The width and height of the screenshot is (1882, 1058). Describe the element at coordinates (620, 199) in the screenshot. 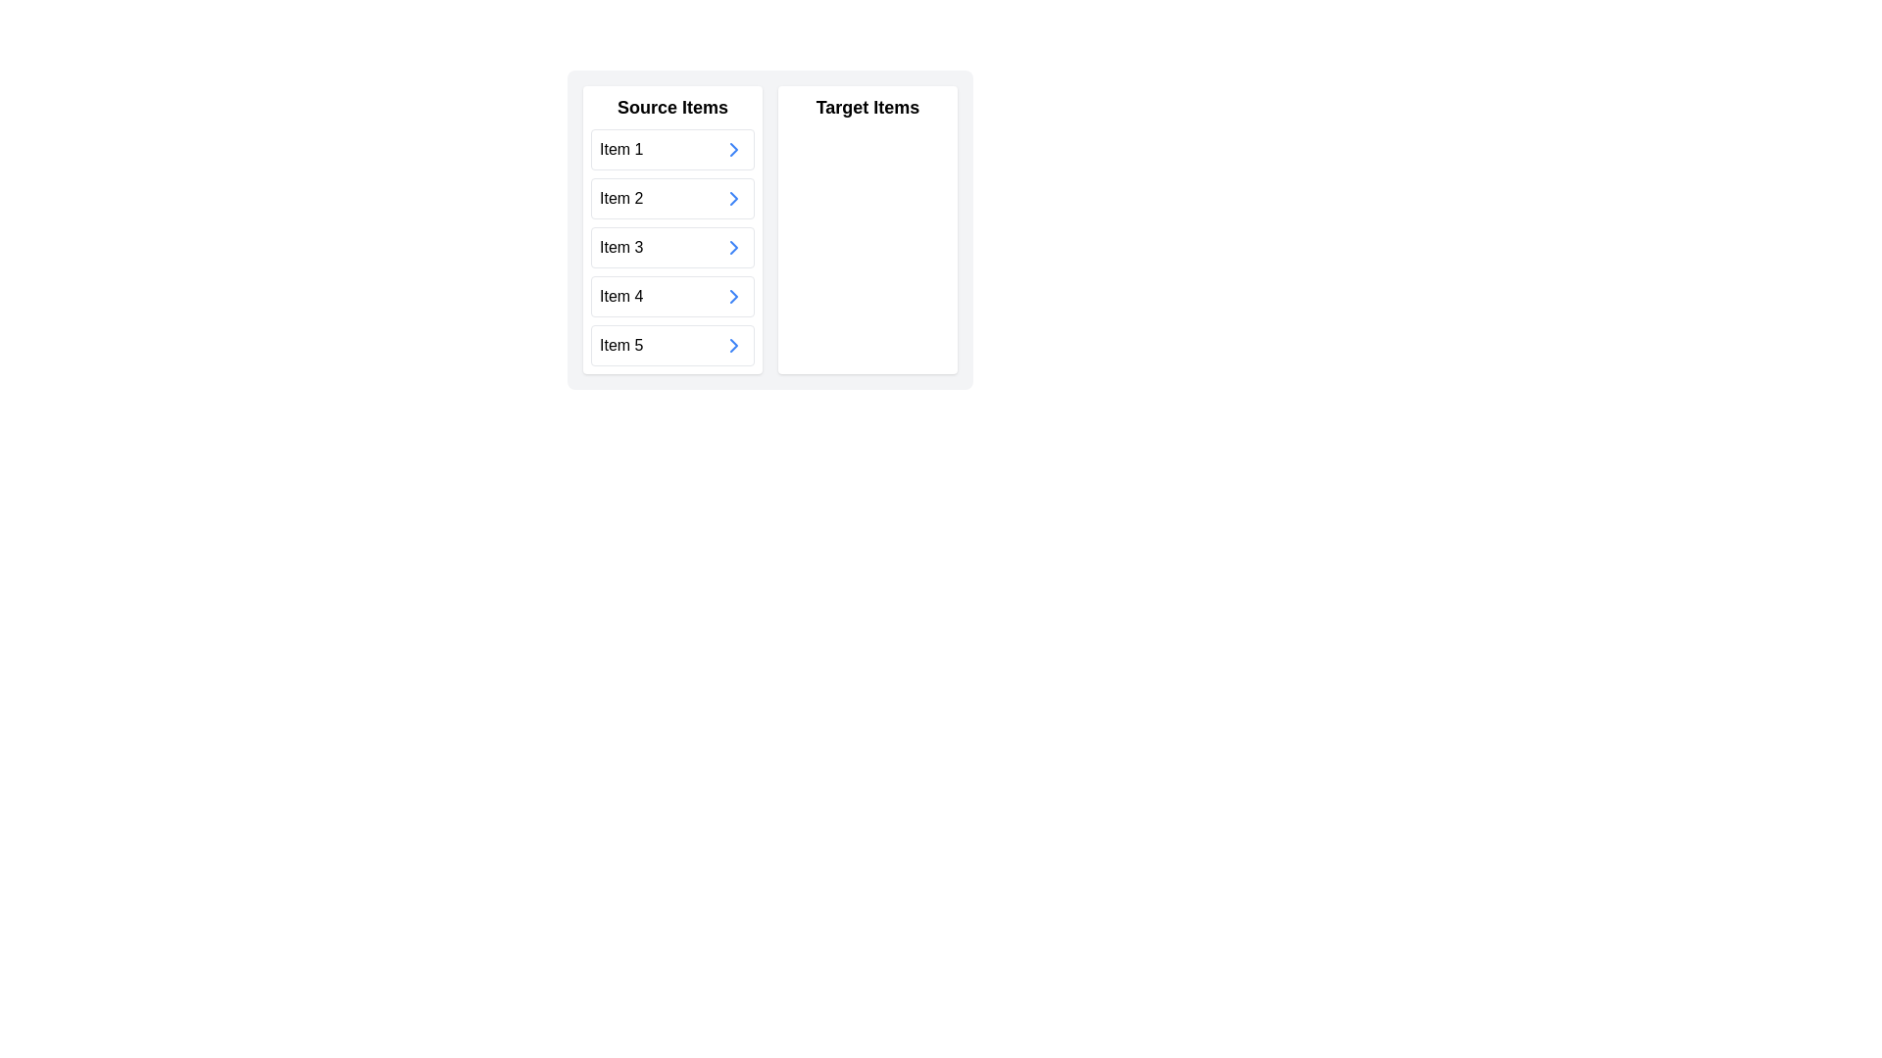

I see `label displaying 'Item 2' which is the text component of the second list item in the 'Source Items' vertical list` at that location.